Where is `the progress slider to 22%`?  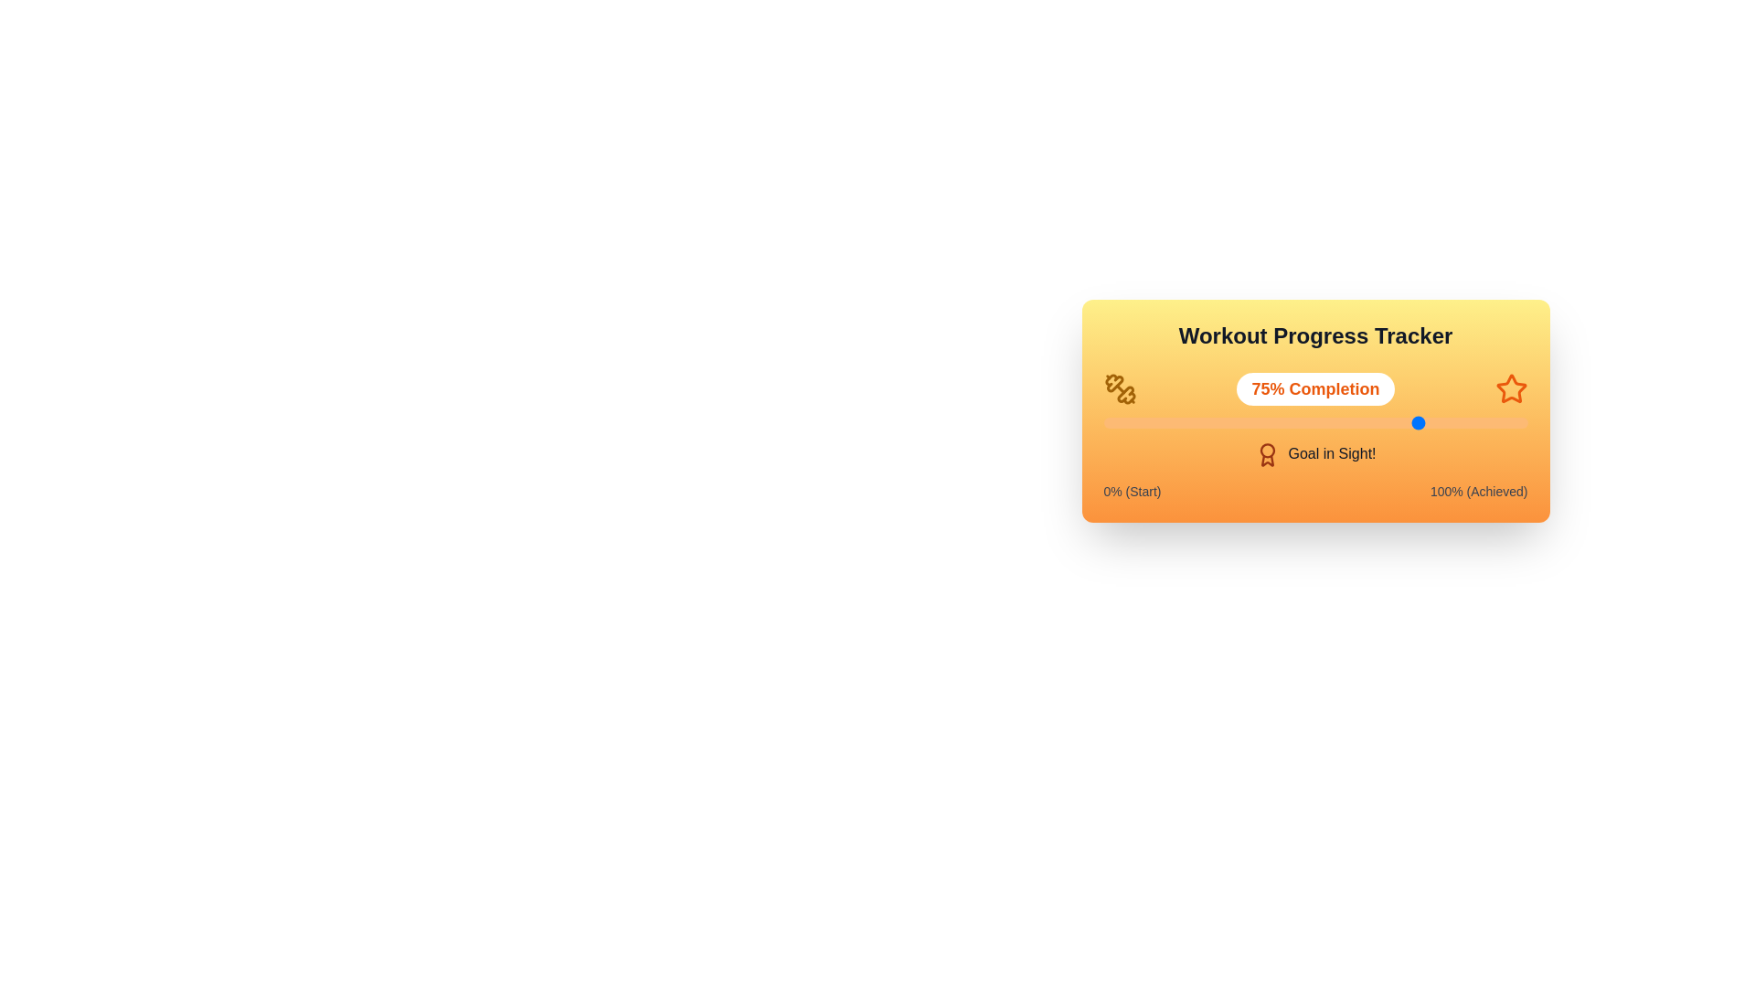
the progress slider to 22% is located at coordinates (1197, 422).